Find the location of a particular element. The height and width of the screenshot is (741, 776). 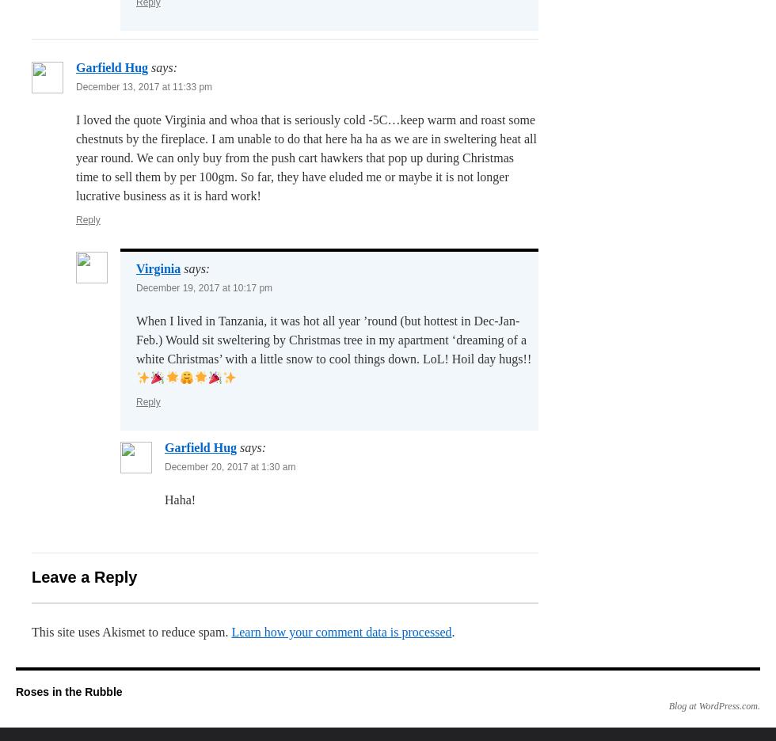

'Haha!' is located at coordinates (180, 499).